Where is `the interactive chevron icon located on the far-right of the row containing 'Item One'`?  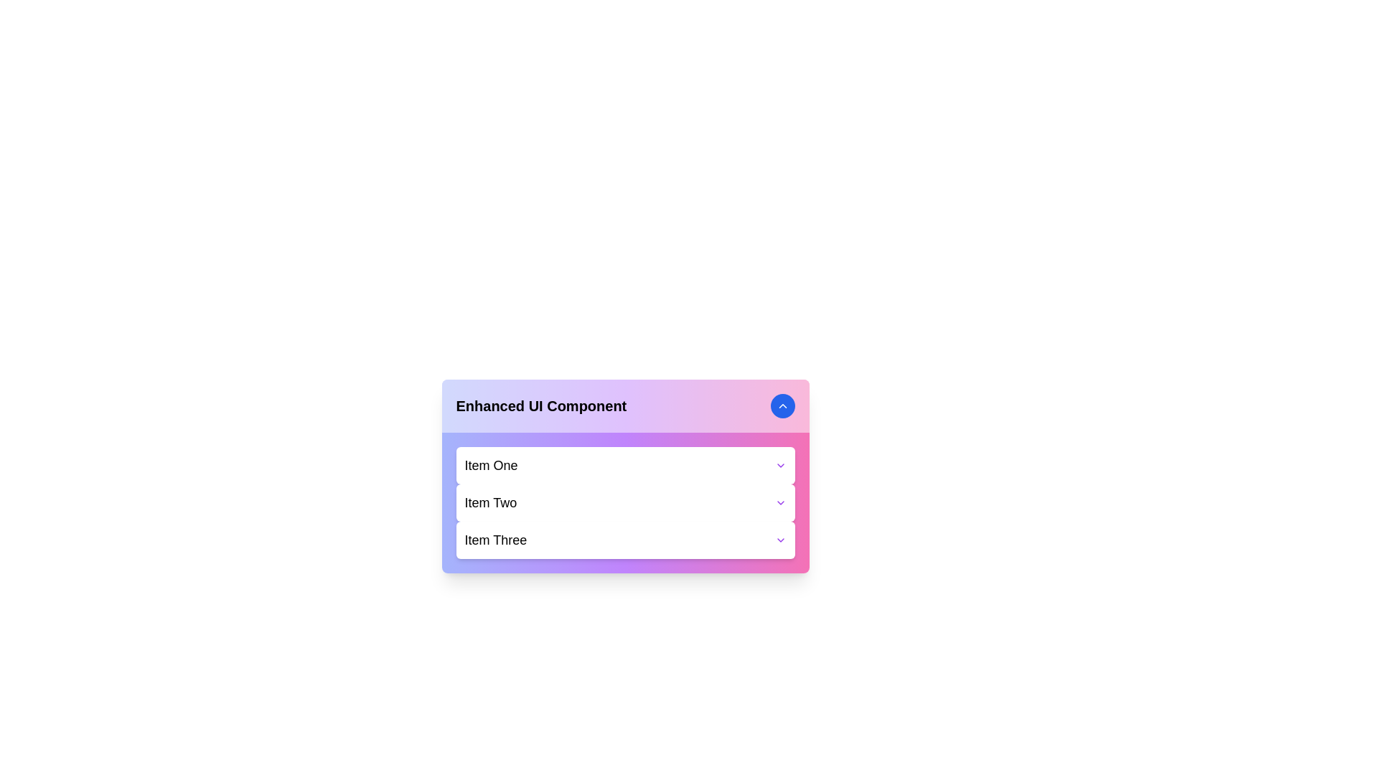 the interactive chevron icon located on the far-right of the row containing 'Item One' is located at coordinates (779, 465).